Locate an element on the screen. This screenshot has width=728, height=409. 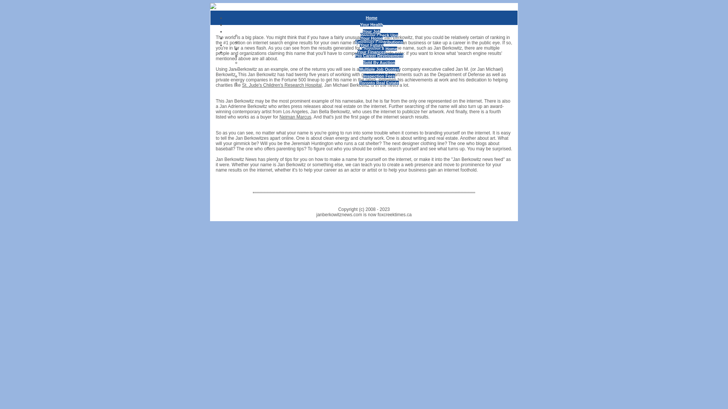
'Neiman Marcus' is located at coordinates (295, 117).